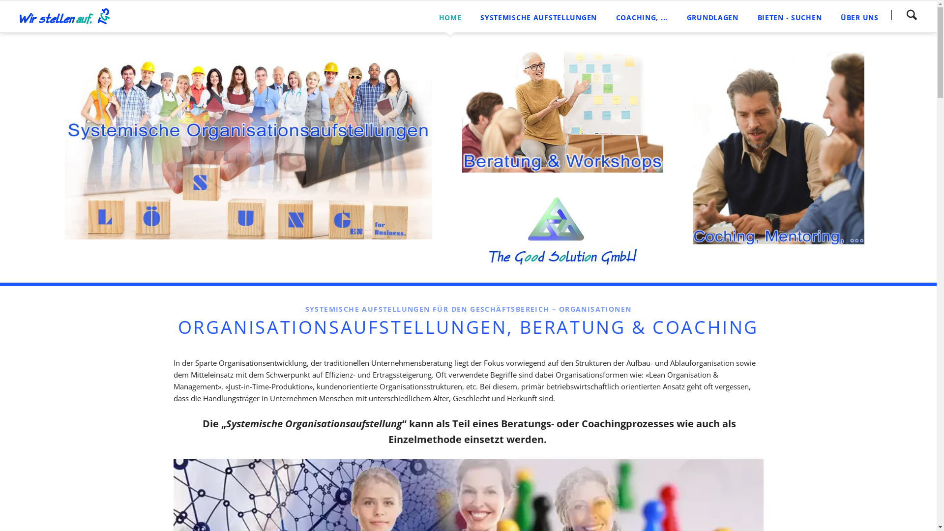 The height and width of the screenshot is (531, 944). Describe the element at coordinates (891, 15) in the screenshot. I see `'Suchen'` at that location.